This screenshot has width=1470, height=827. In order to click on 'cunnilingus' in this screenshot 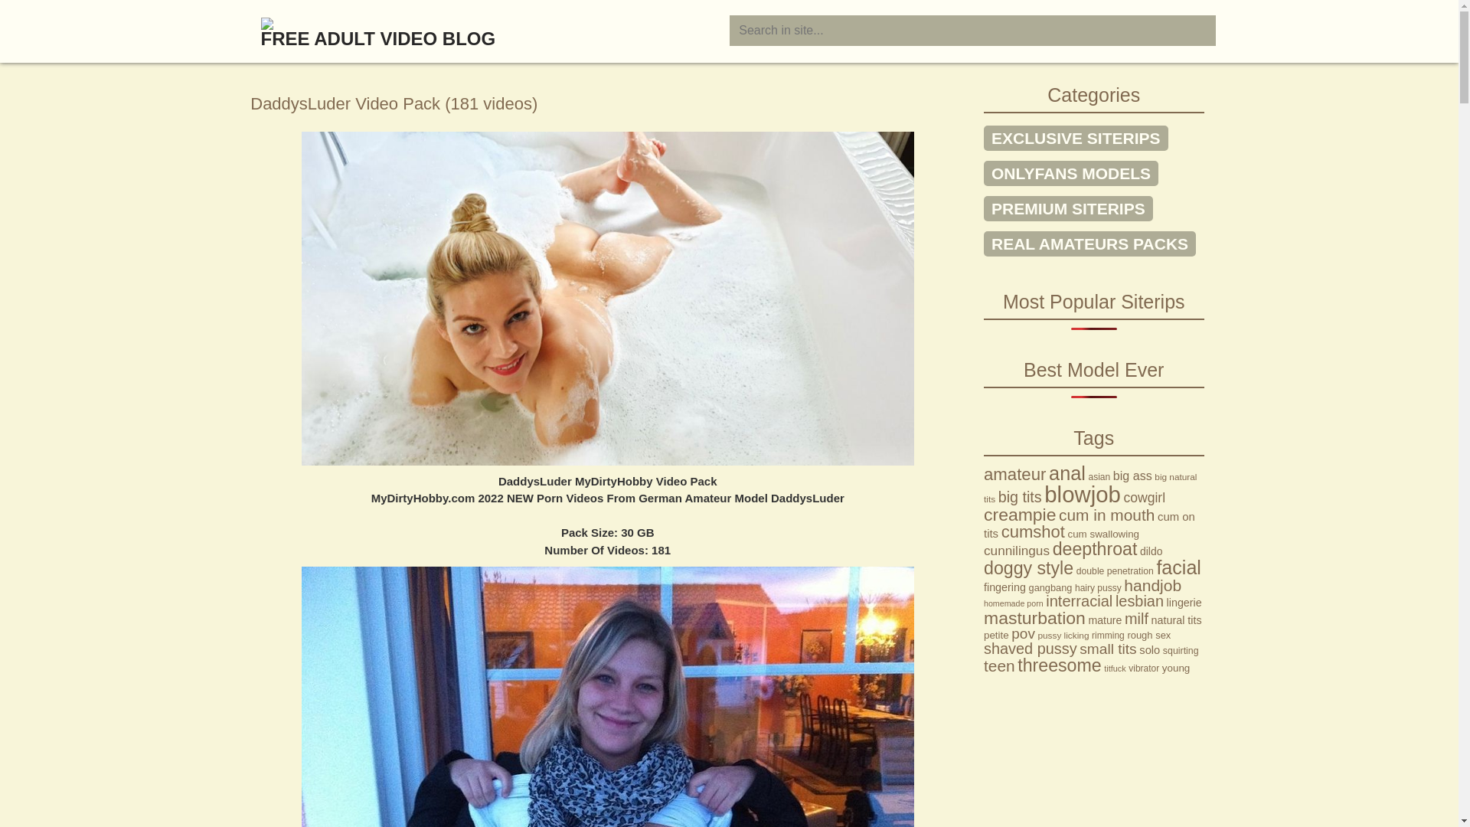, I will do `click(1017, 549)`.